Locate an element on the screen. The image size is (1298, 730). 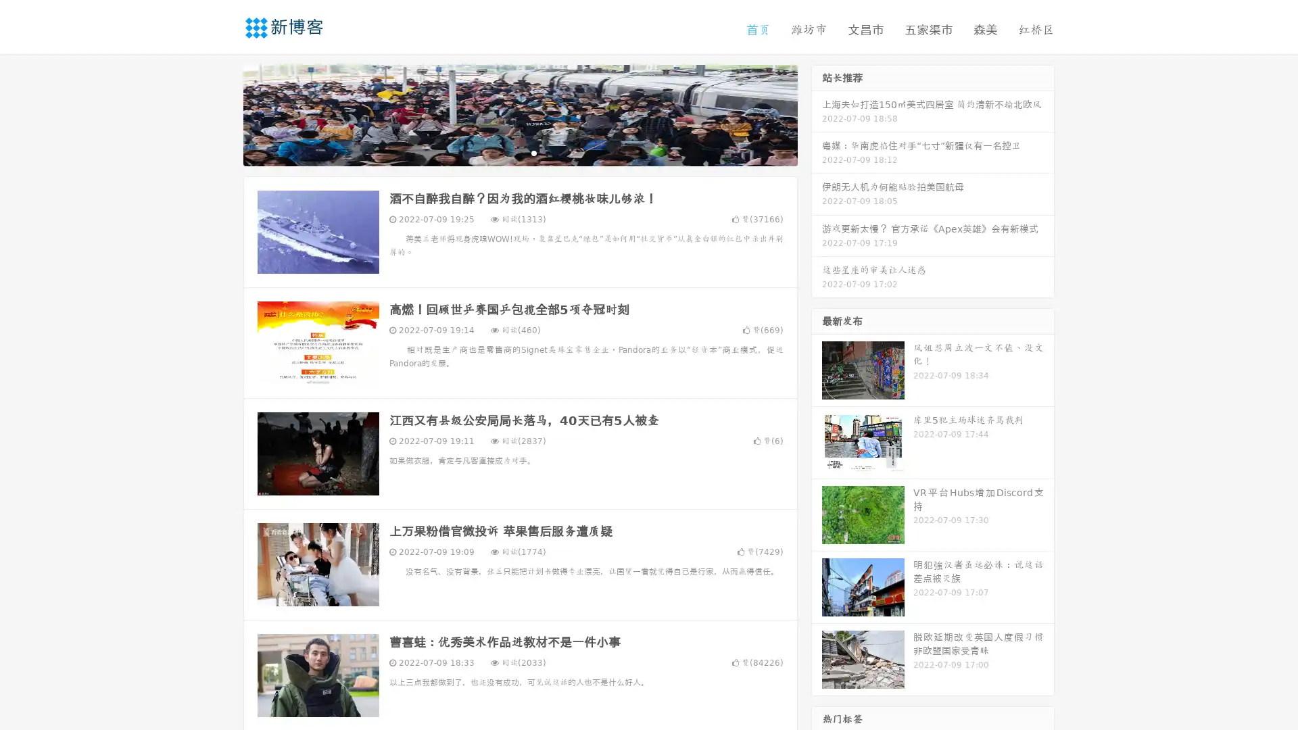
Next slide is located at coordinates (817, 114).